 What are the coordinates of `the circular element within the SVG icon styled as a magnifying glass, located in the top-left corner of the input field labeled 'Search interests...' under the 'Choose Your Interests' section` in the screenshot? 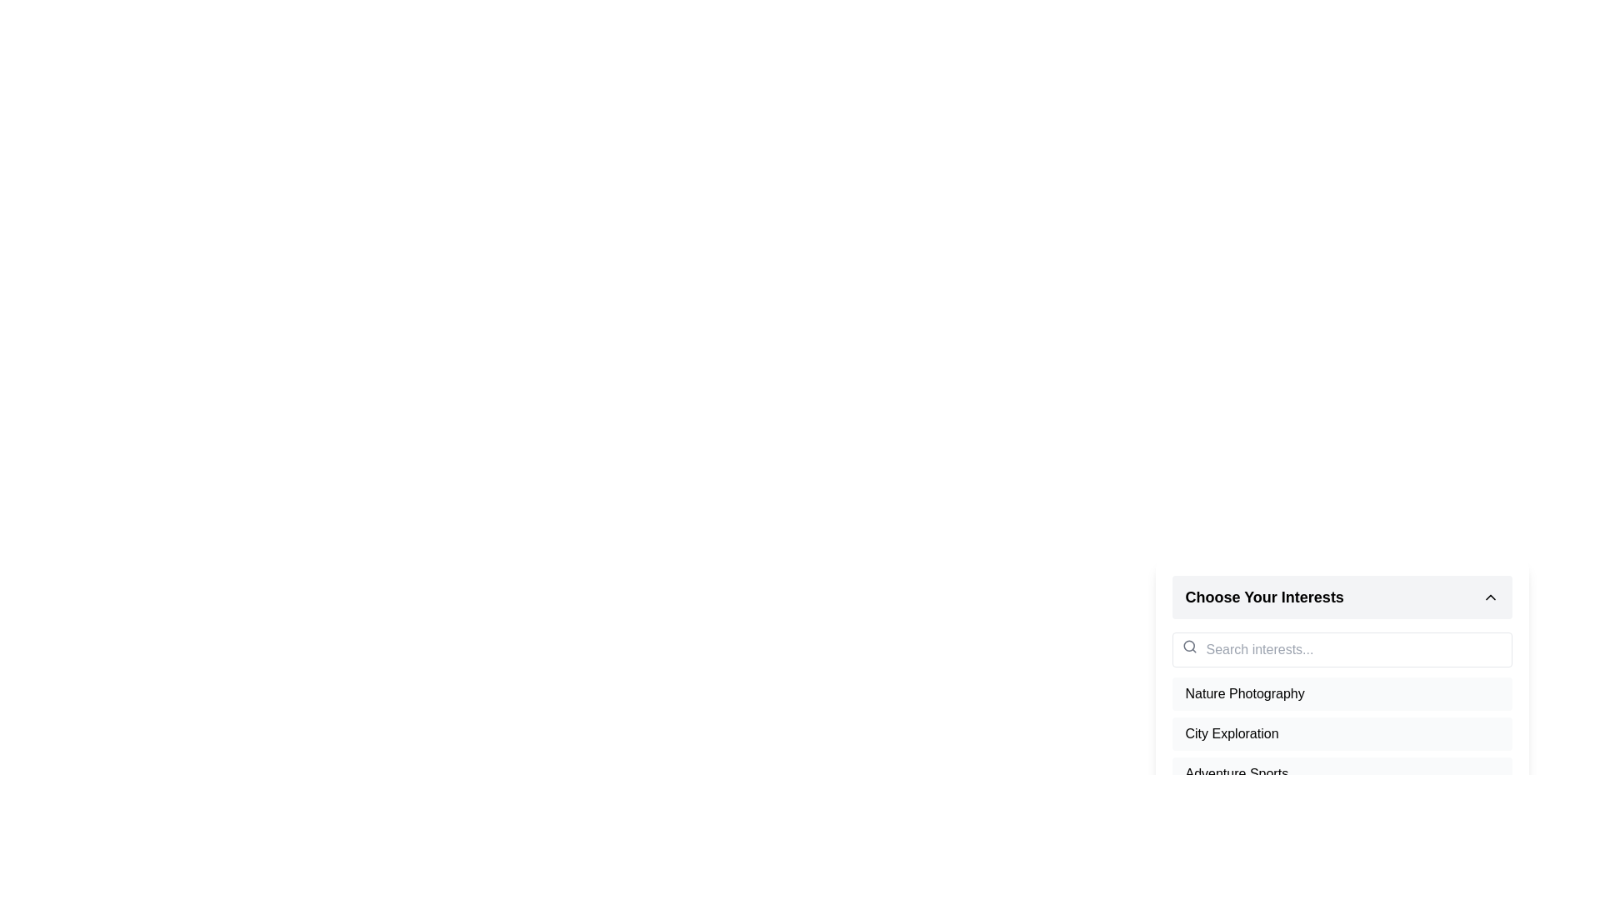 It's located at (1187, 645).